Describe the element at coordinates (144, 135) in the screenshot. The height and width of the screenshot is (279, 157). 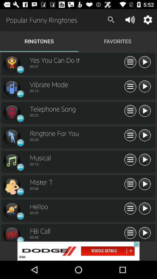
I see `button` at that location.